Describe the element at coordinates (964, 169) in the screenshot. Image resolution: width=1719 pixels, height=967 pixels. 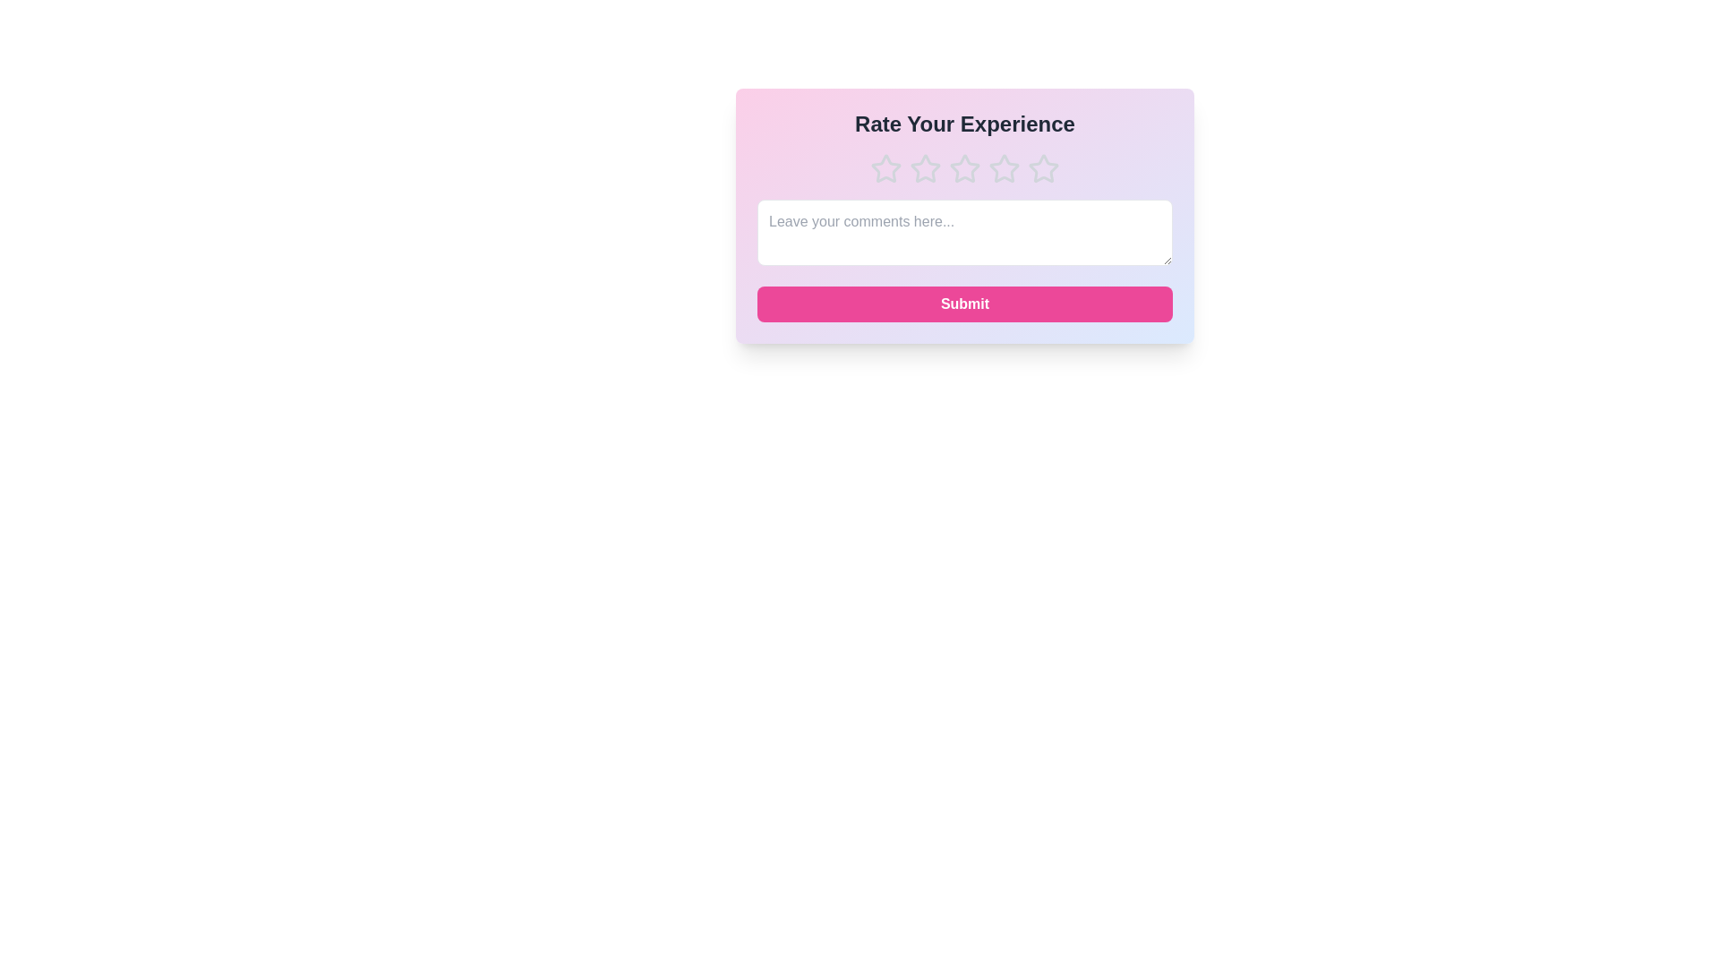
I see `the star corresponding to 3 to preview the rating` at that location.